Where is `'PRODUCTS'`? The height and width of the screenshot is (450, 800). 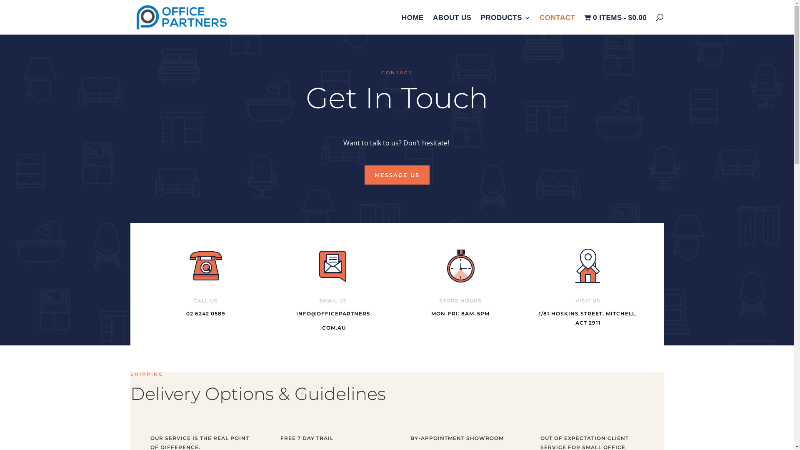 'PRODUCTS' is located at coordinates (480, 24).